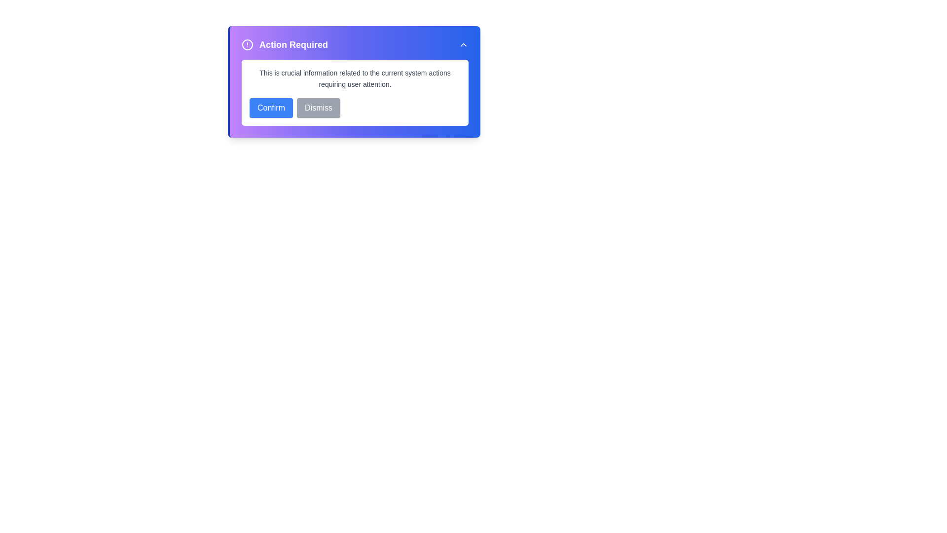 This screenshot has width=947, height=533. I want to click on the 'Dismiss' button to disregard the information, so click(319, 108).